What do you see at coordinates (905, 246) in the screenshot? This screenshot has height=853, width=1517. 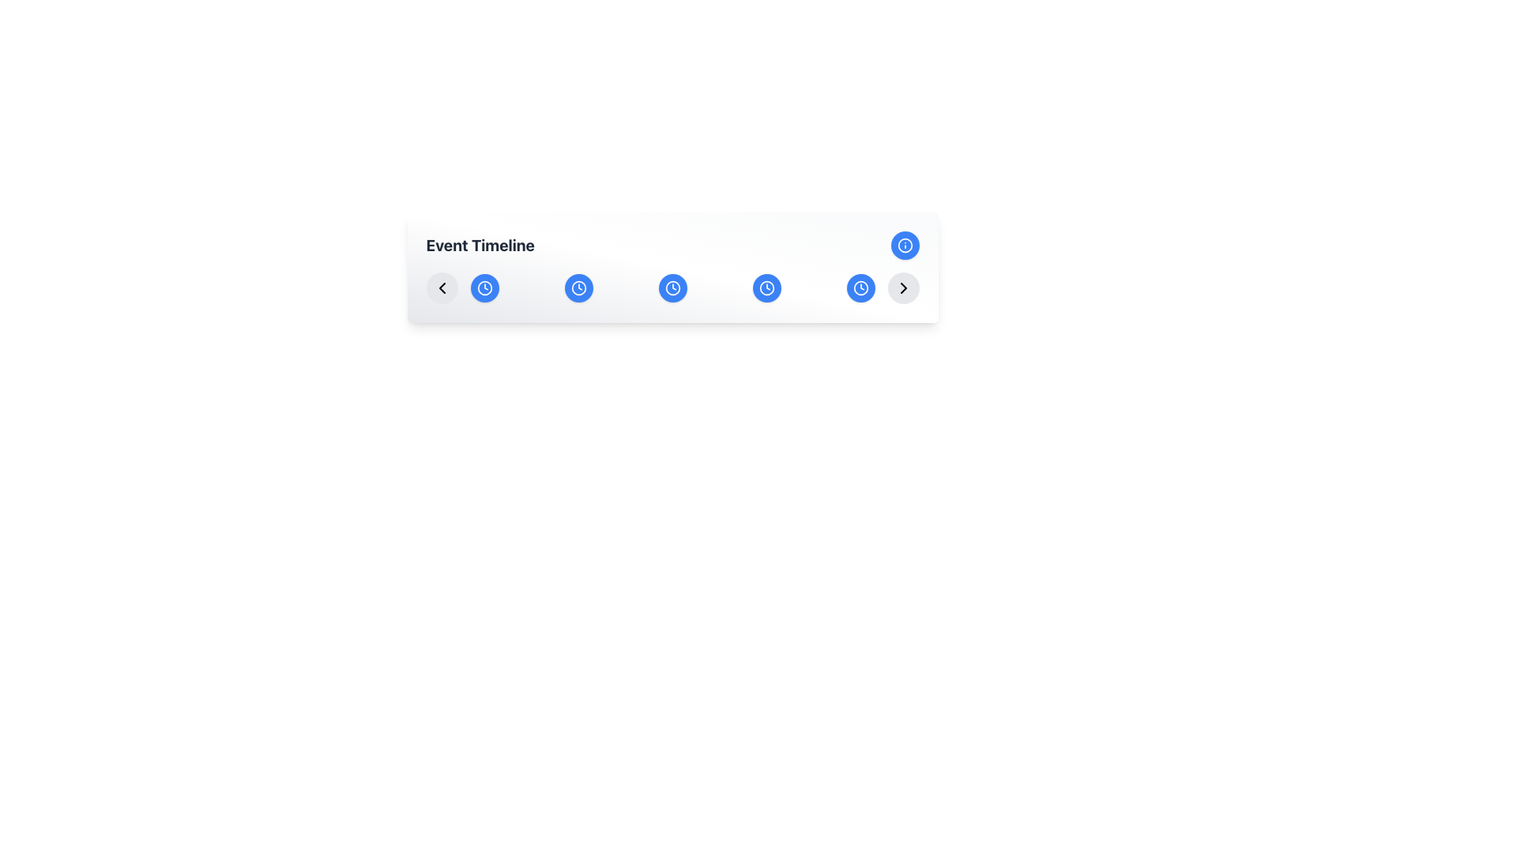 I see `the informational button located on the rightmost side of the header section under the label 'Event Timeline'` at bounding box center [905, 246].